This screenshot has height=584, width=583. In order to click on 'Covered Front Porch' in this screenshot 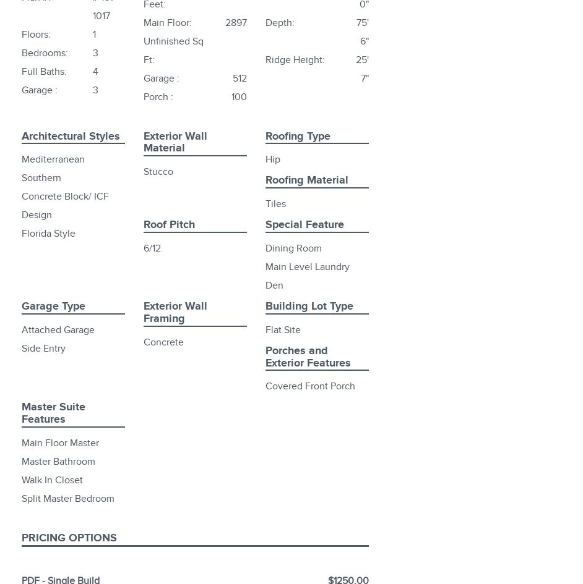, I will do `click(310, 386)`.